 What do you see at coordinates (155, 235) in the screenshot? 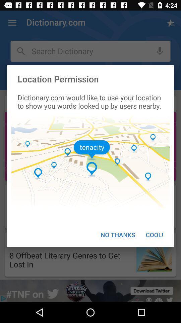
I see `cool! icon` at bounding box center [155, 235].